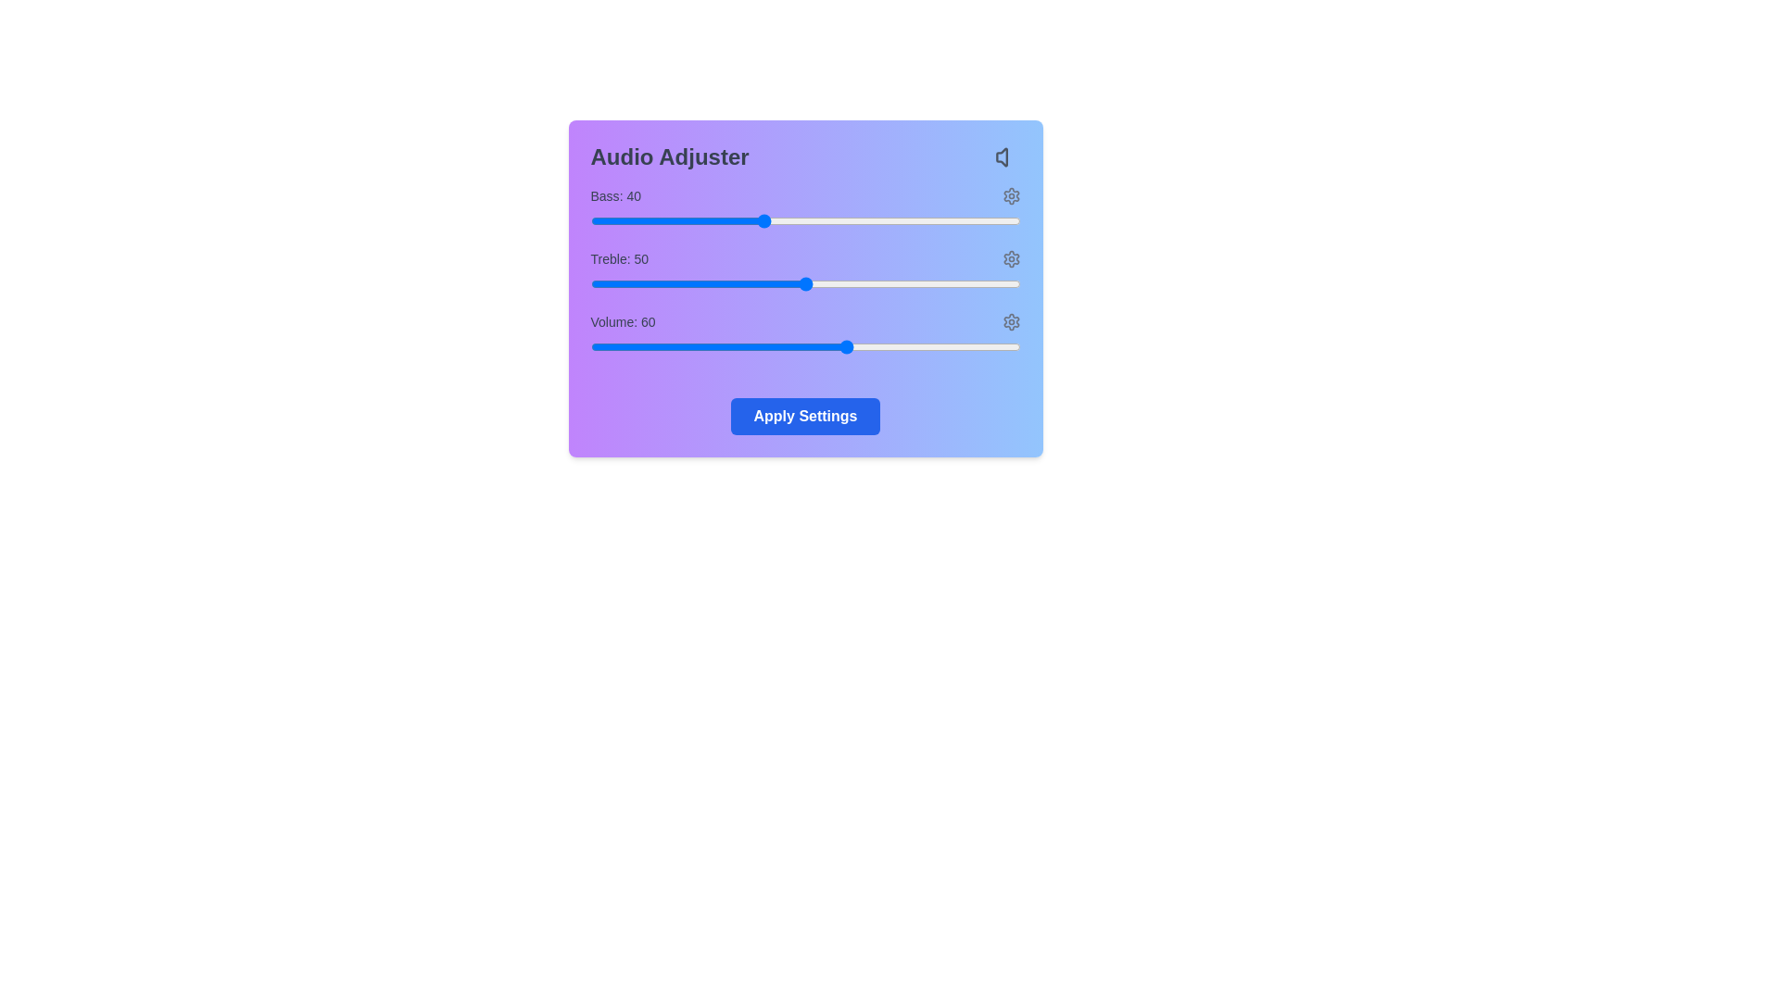 The height and width of the screenshot is (1000, 1779). I want to click on the text label displaying 'Volume: 60', which is located in the bottom third of the gradient panel interface, to the left of the volume adjustment slider, so click(623, 320).